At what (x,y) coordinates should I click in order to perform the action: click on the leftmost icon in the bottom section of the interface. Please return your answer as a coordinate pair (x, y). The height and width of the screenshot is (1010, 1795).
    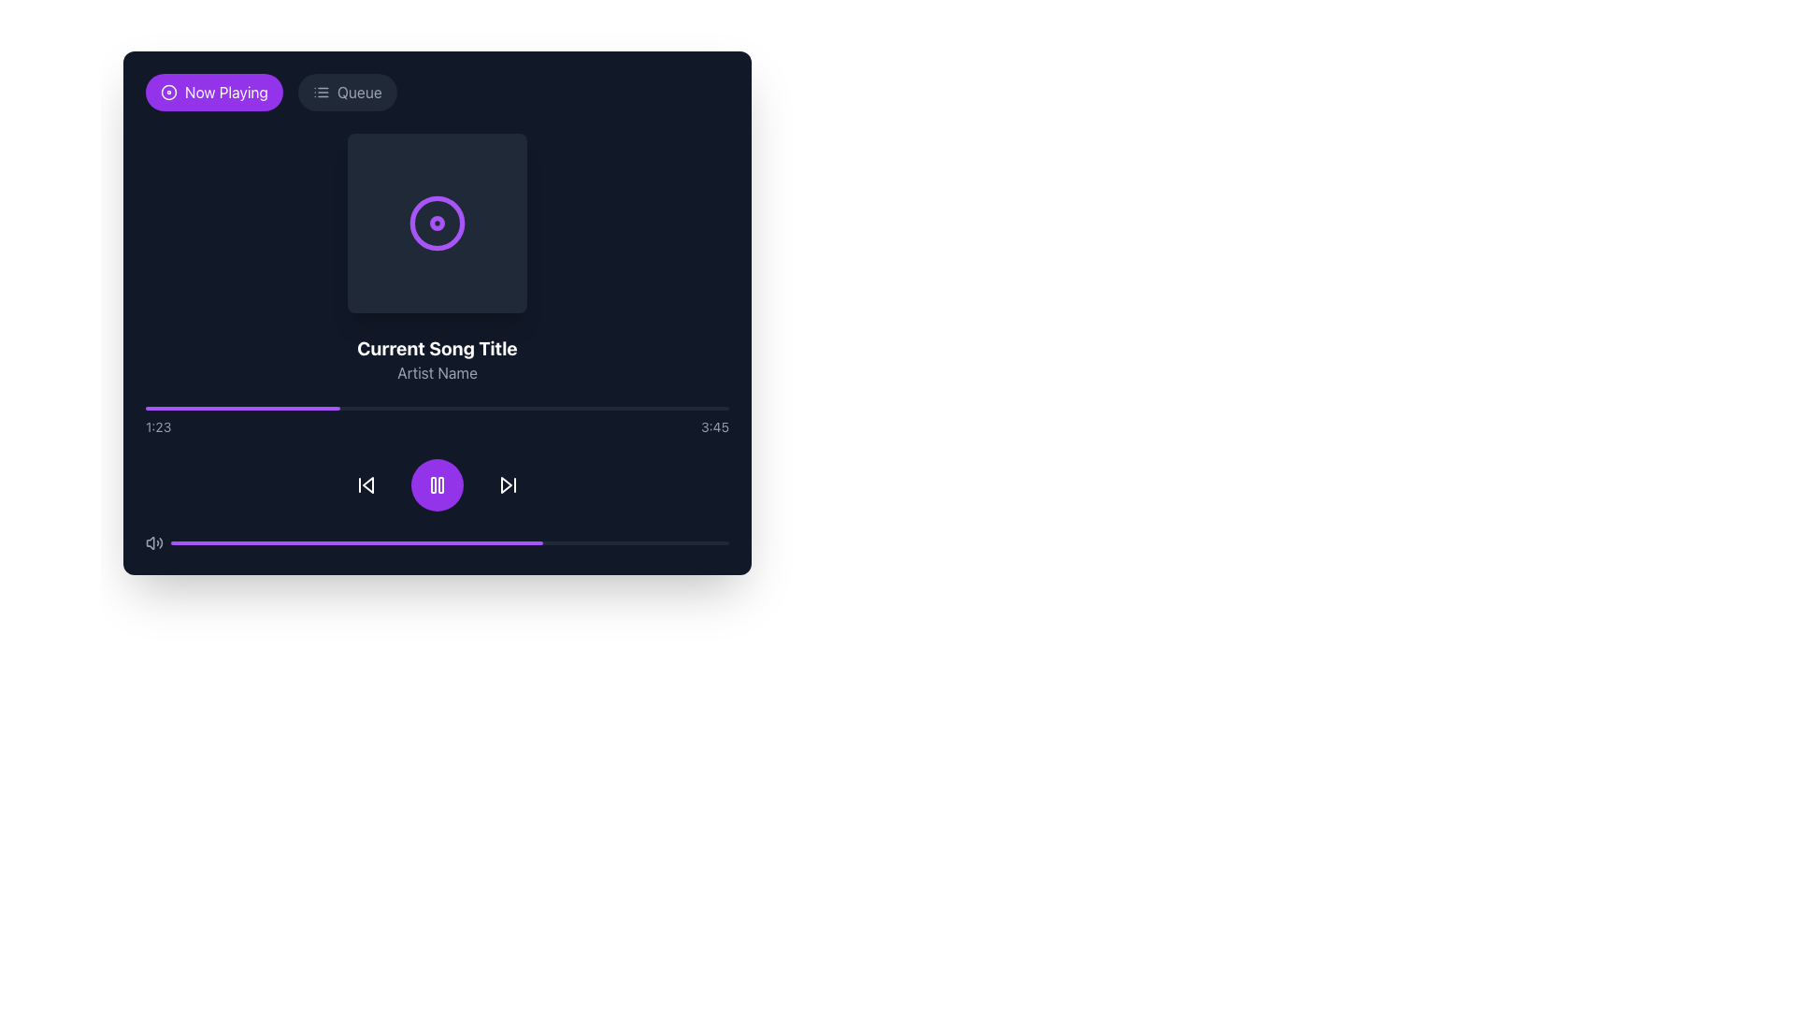
    Looking at the image, I should click on (154, 543).